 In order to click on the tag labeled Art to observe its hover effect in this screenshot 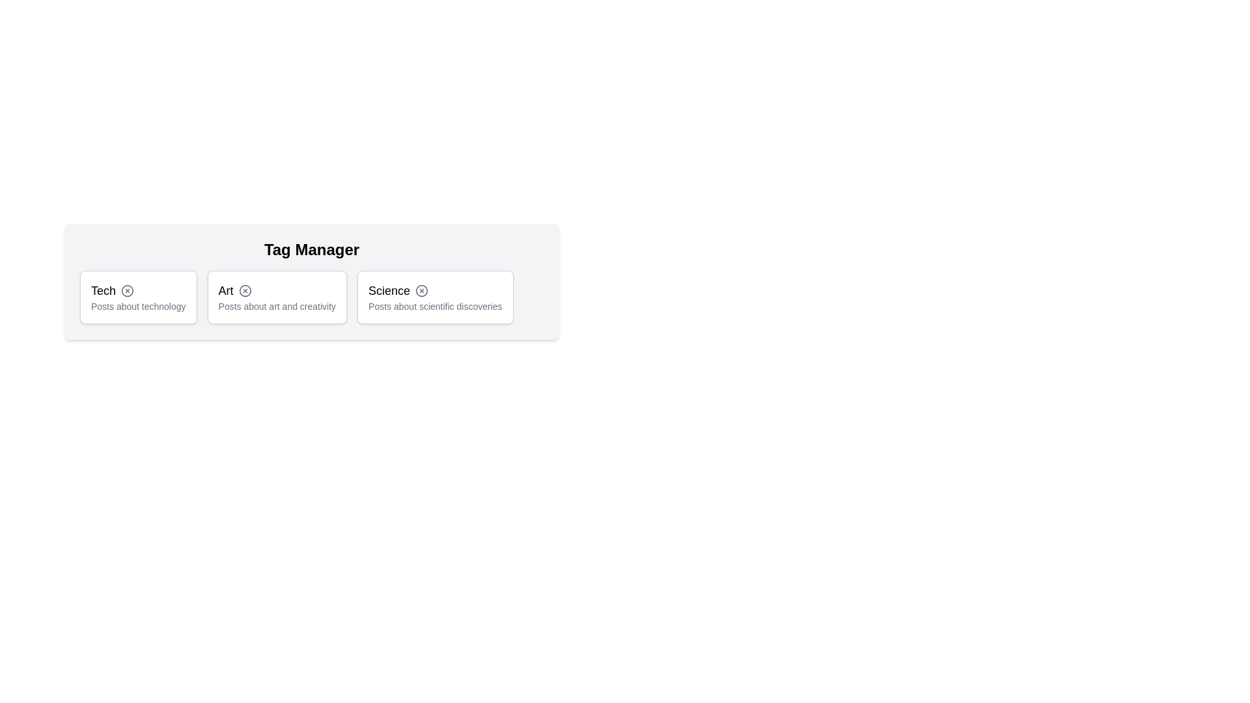, I will do `click(276, 297)`.